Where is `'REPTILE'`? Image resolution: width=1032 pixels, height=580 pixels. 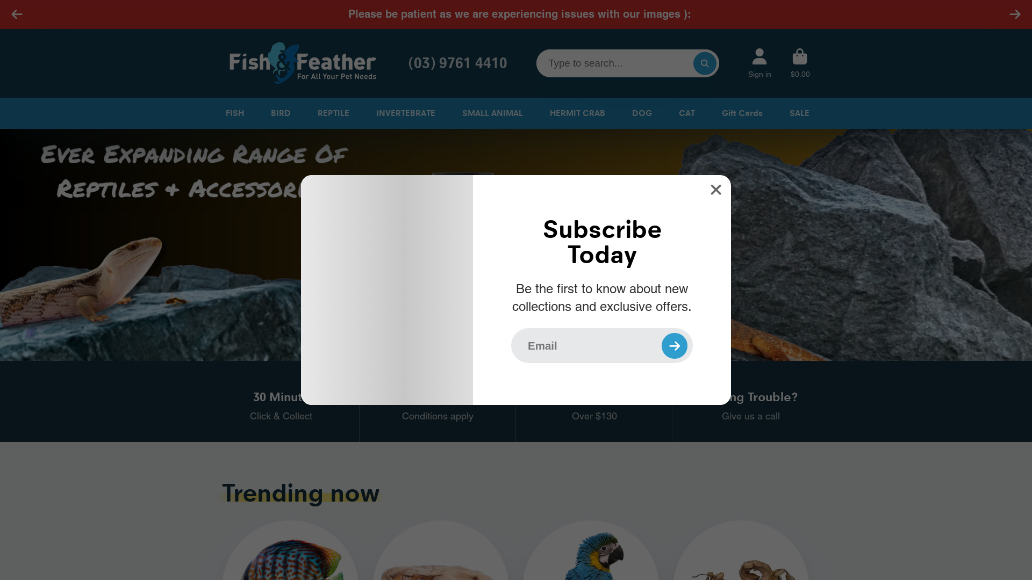
'REPTILE' is located at coordinates (331, 113).